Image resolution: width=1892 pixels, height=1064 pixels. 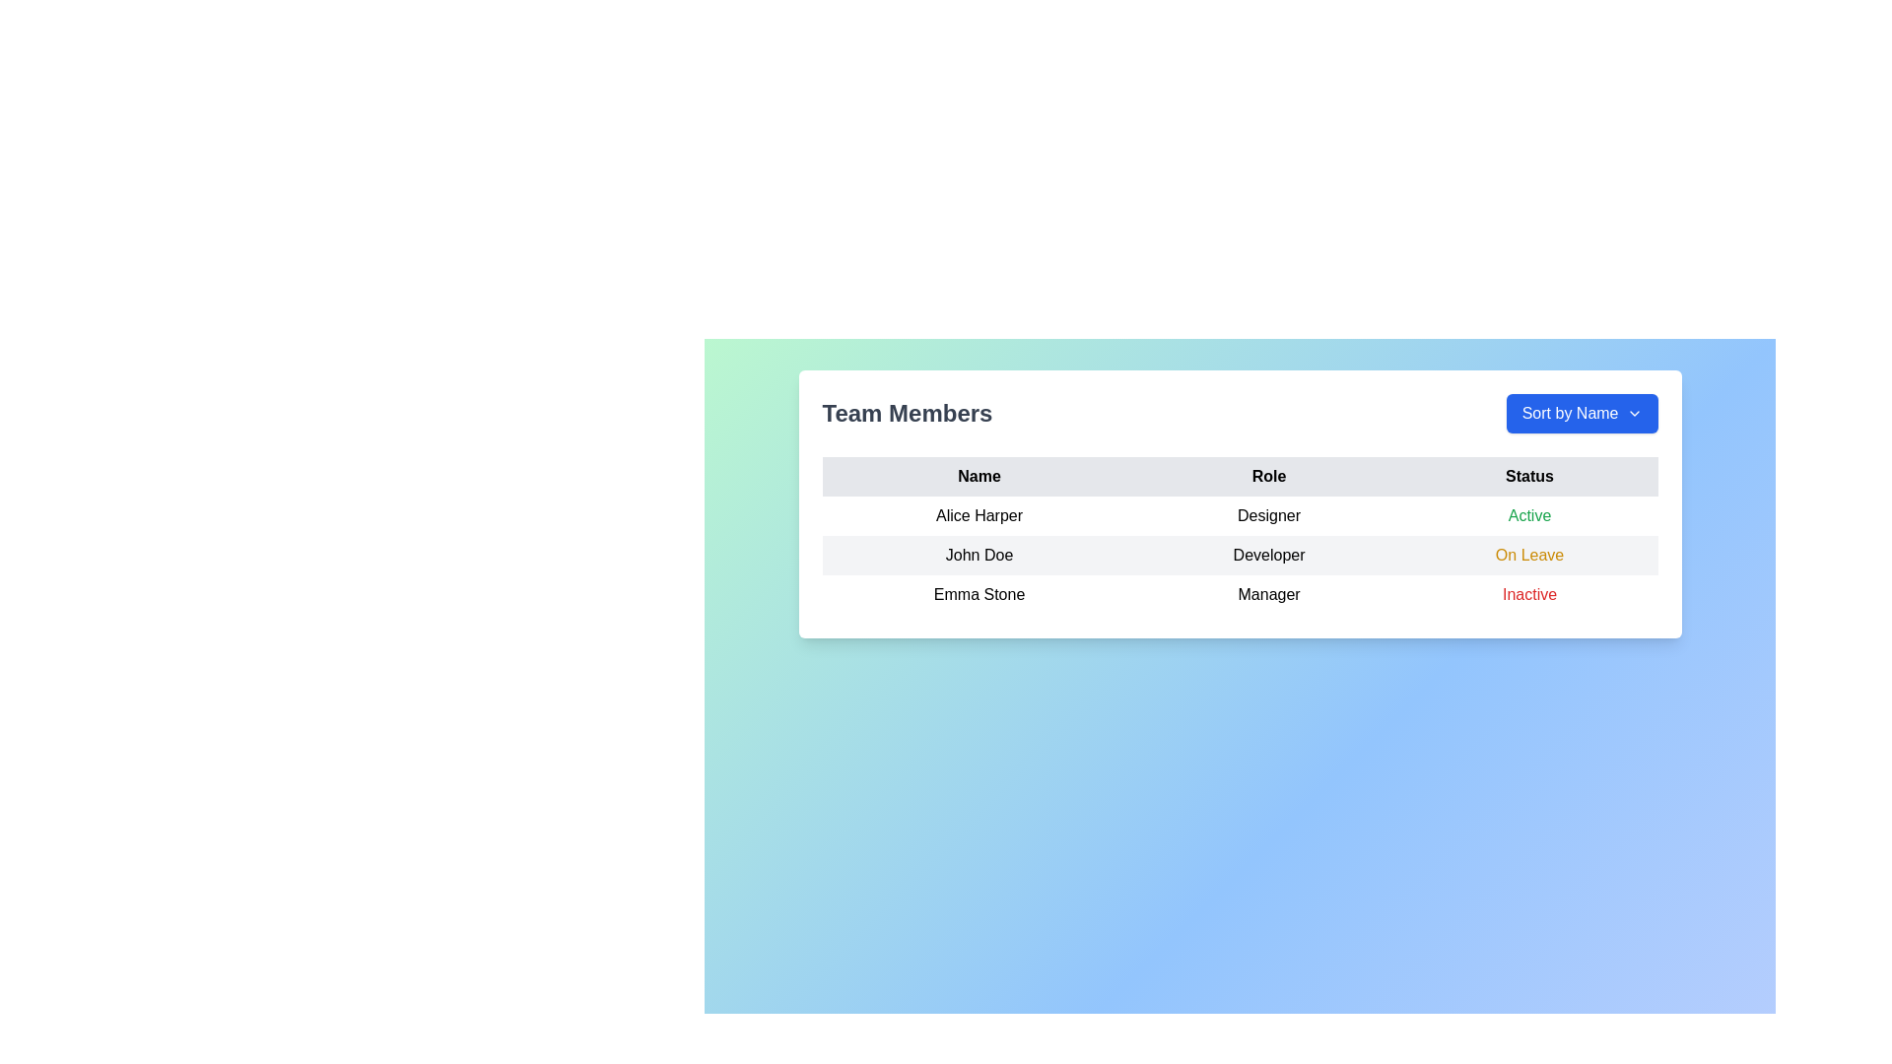 What do you see at coordinates (1269, 476) in the screenshot?
I see `the 'Role' column header text label, which is the second header in the table, positioned between 'Name' and 'Status'` at bounding box center [1269, 476].